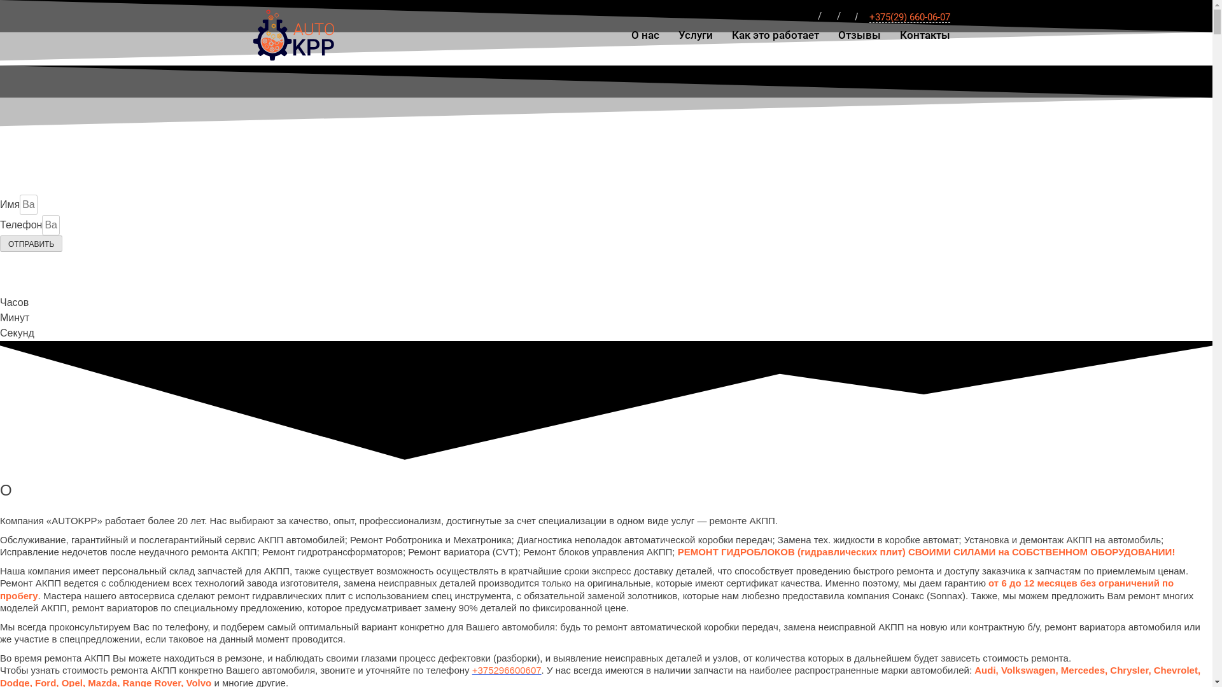 The height and width of the screenshot is (687, 1222). What do you see at coordinates (828, 17) in the screenshot?
I see `'Telegram'` at bounding box center [828, 17].